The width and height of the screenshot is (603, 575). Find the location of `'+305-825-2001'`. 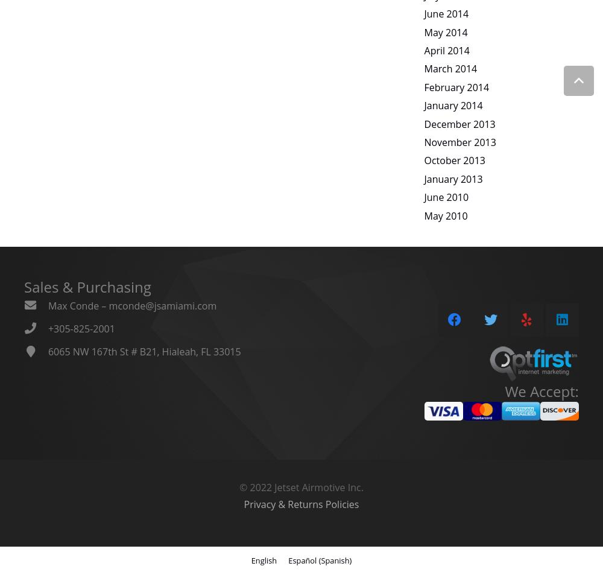

'+305-825-2001' is located at coordinates (81, 328).